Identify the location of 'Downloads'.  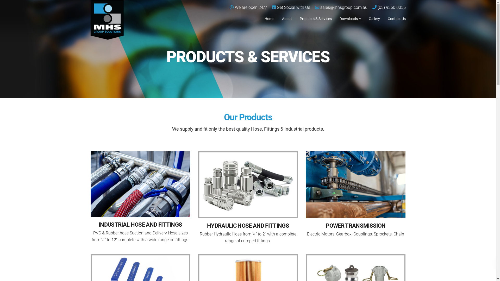
(350, 18).